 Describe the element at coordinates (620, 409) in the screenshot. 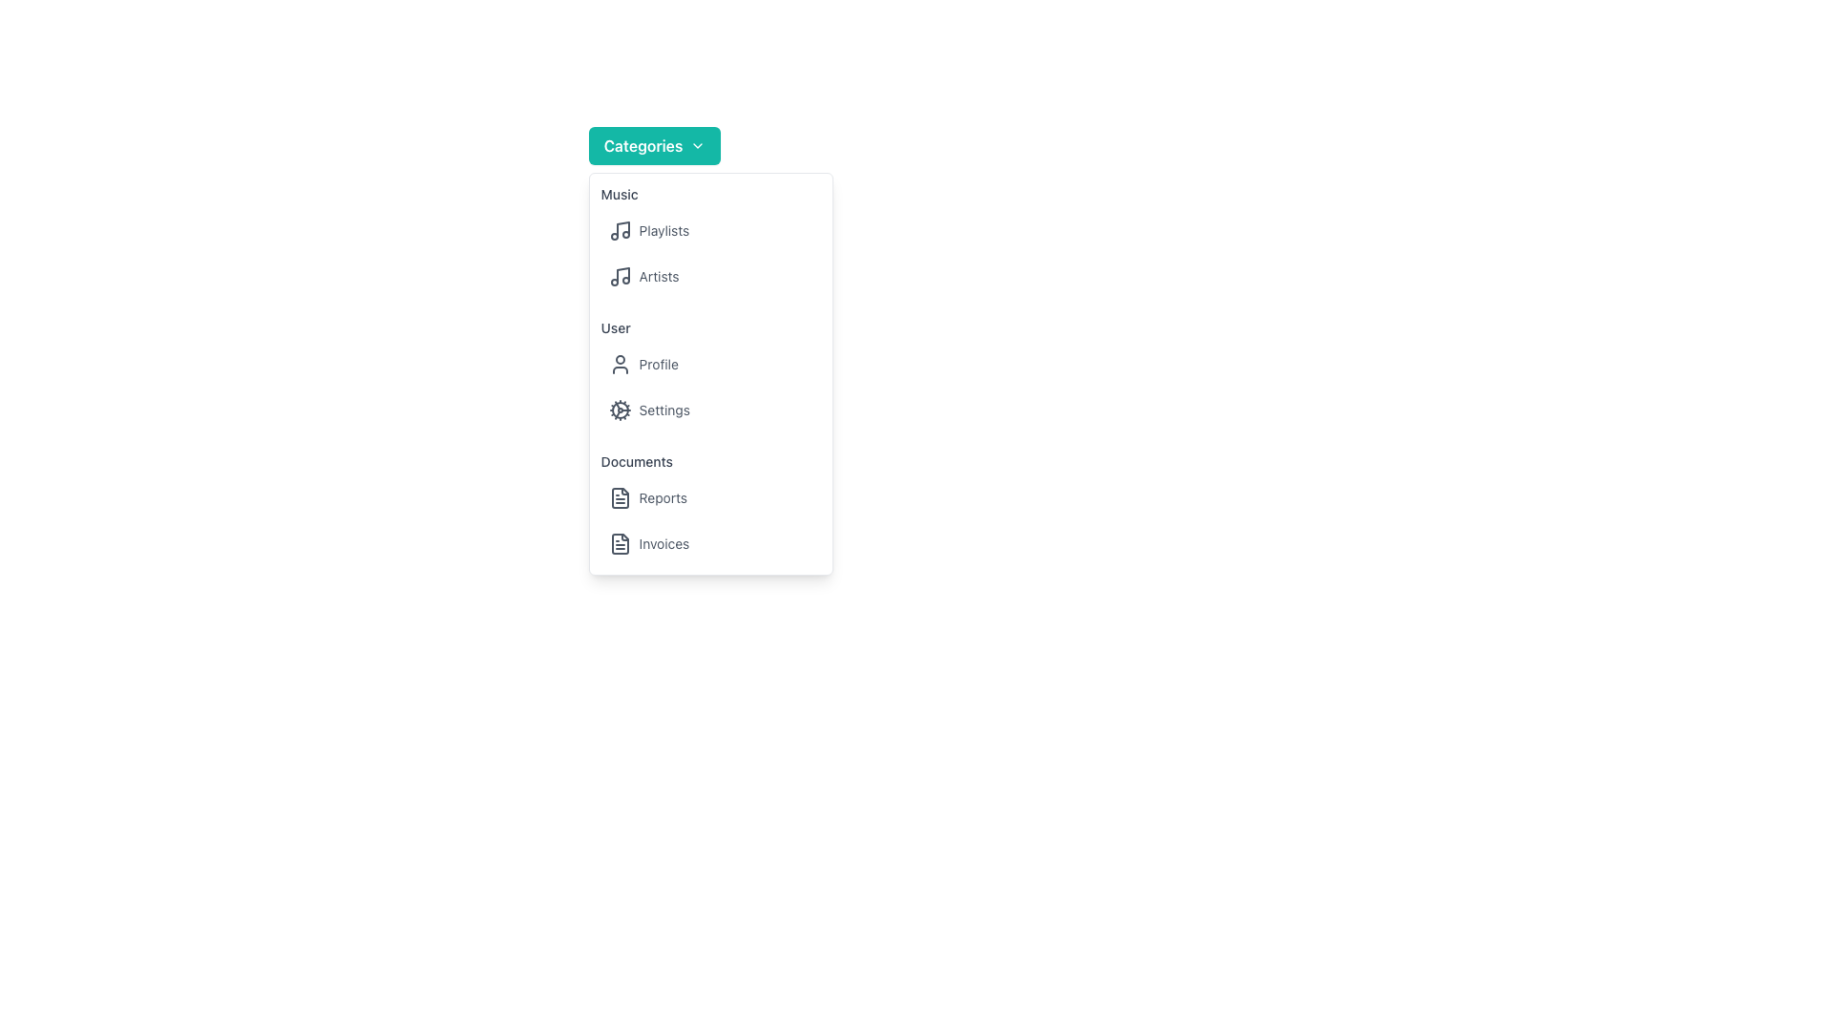

I see `the 'Settings' icon located within the fourth option of the vertical dropdown menu under the 'User' category` at that location.